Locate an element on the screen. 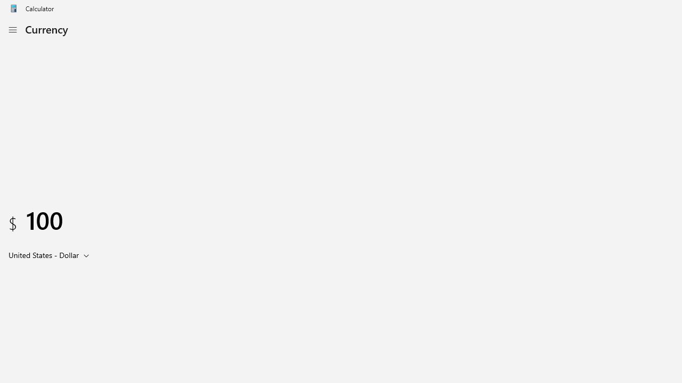  'United States Dollar' is located at coordinates (43, 255).